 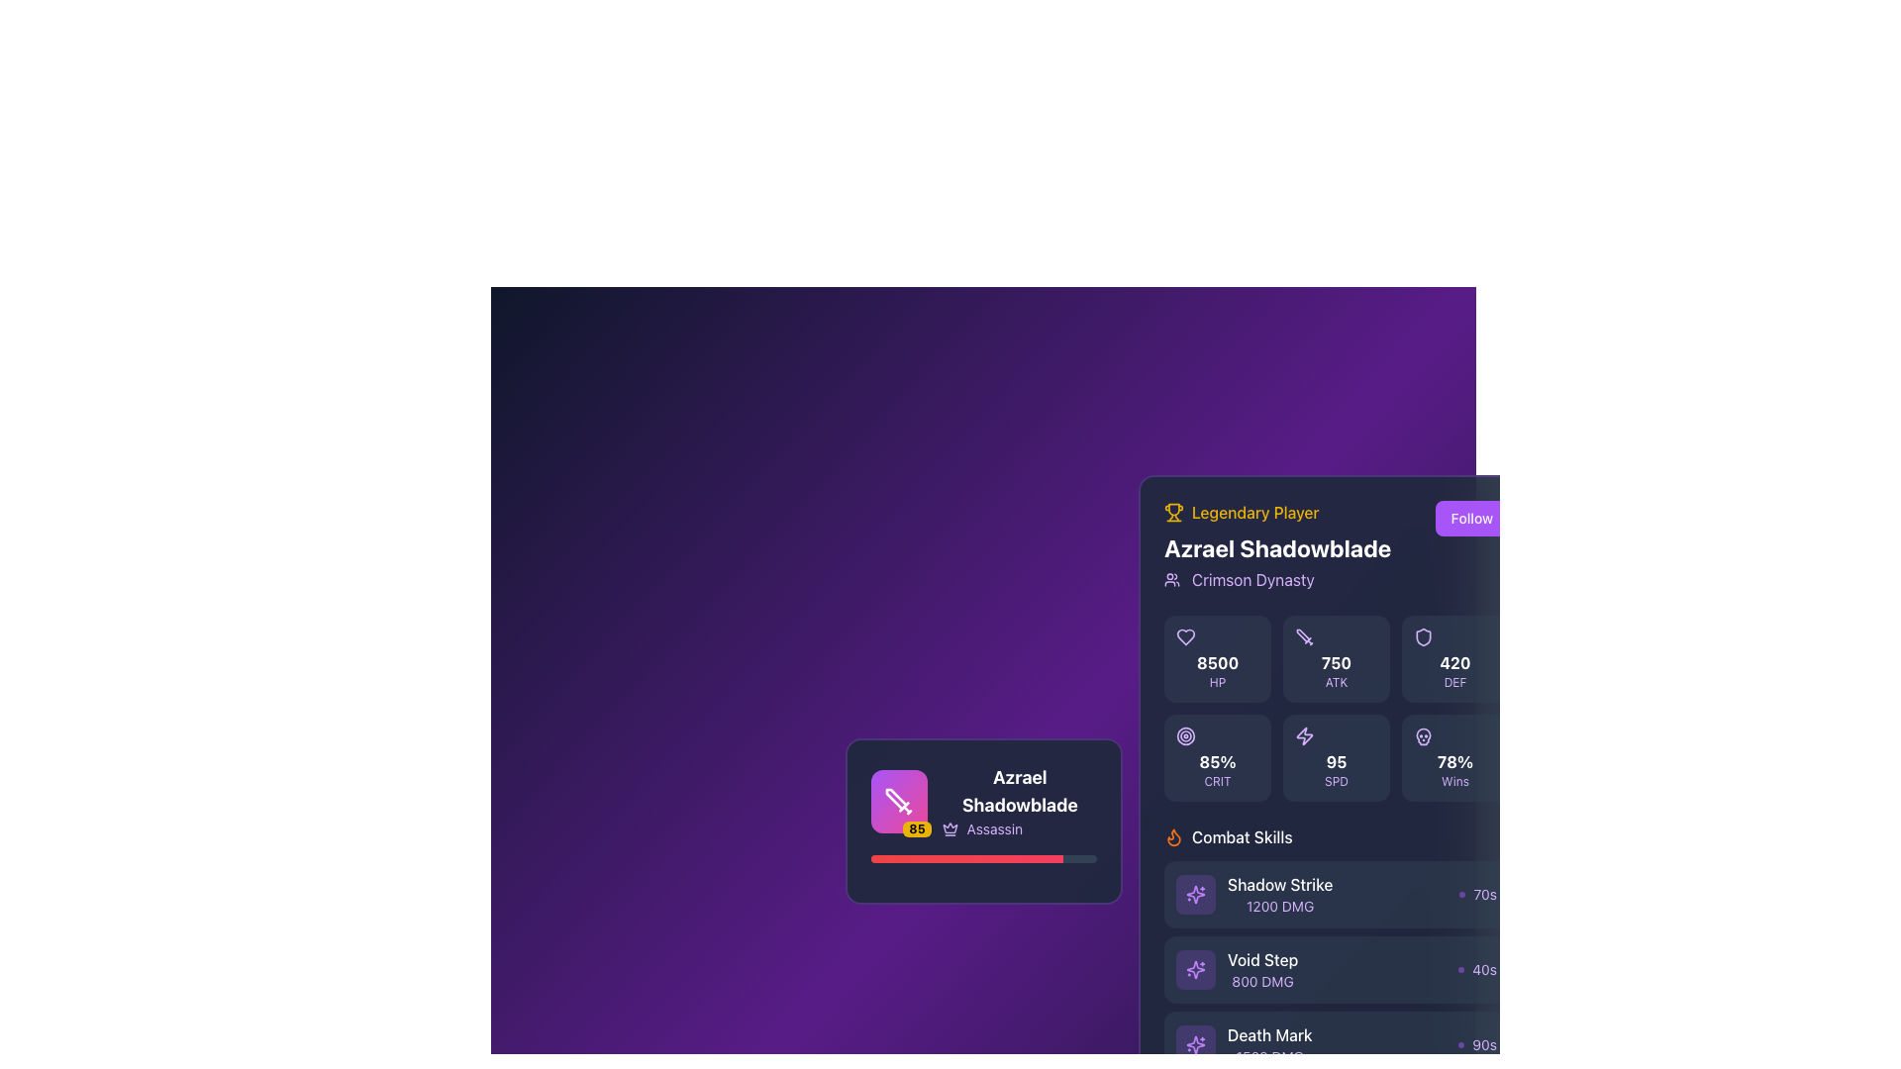 I want to click on the label text indicating a statistic or attribute located beneath the value '420' in the bottom-right section of the card, so click(x=1454, y=682).